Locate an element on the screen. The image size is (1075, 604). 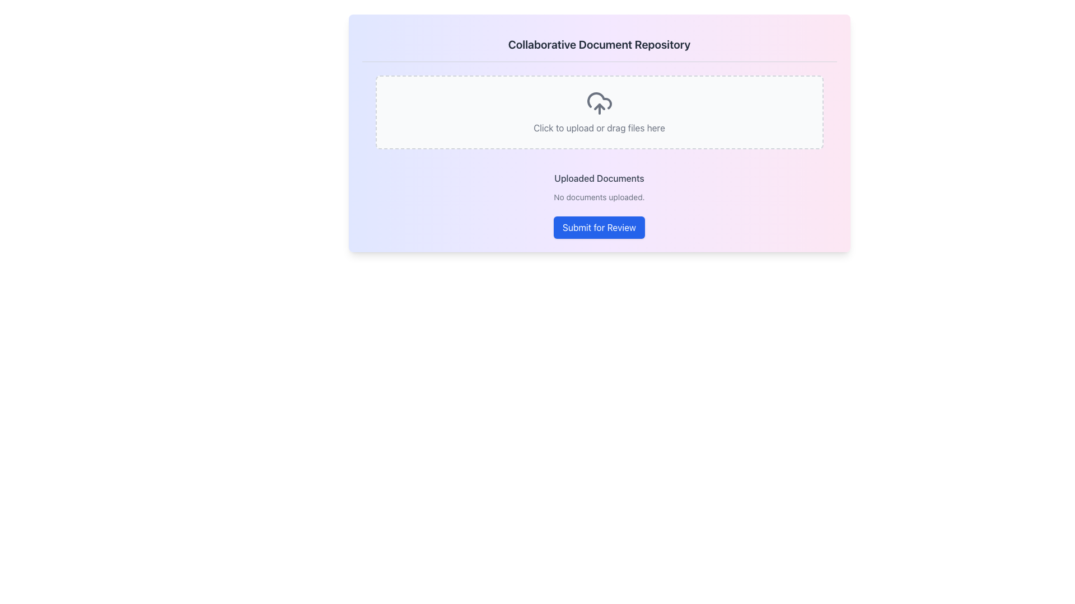
the descriptive text label in the 'Uploaded Documents' section, which is positioned above the text 'No documents uploaded.' and below the uploading interface area is located at coordinates (599, 178).